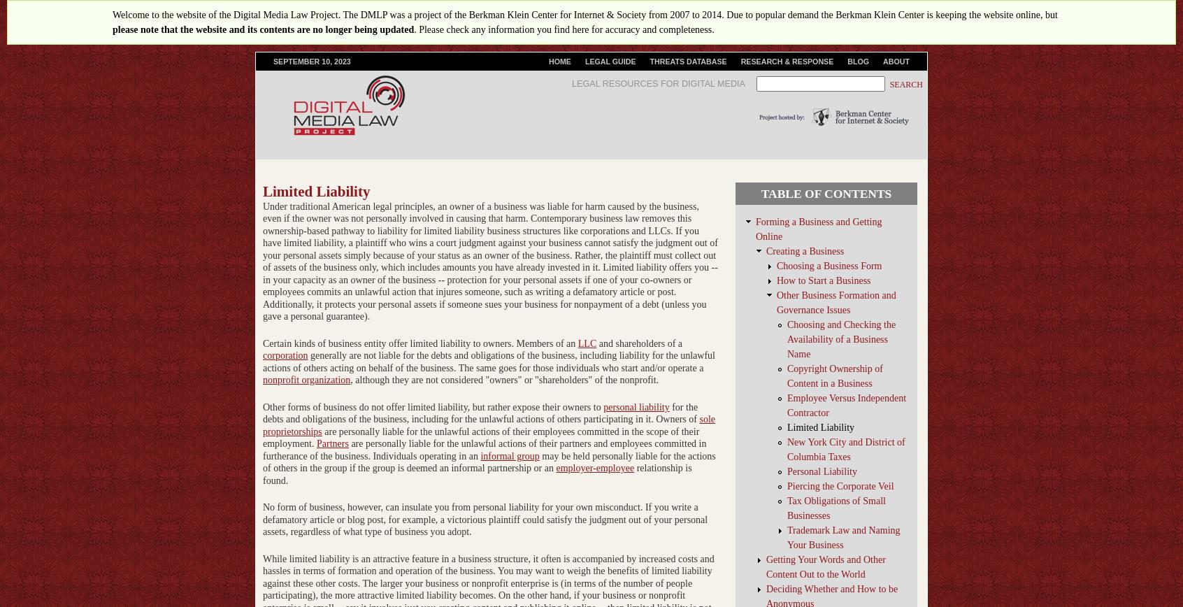 This screenshot has height=607, width=1183. Describe the element at coordinates (787, 376) in the screenshot. I see `'Copyright Ownership of Content in a Business'` at that location.